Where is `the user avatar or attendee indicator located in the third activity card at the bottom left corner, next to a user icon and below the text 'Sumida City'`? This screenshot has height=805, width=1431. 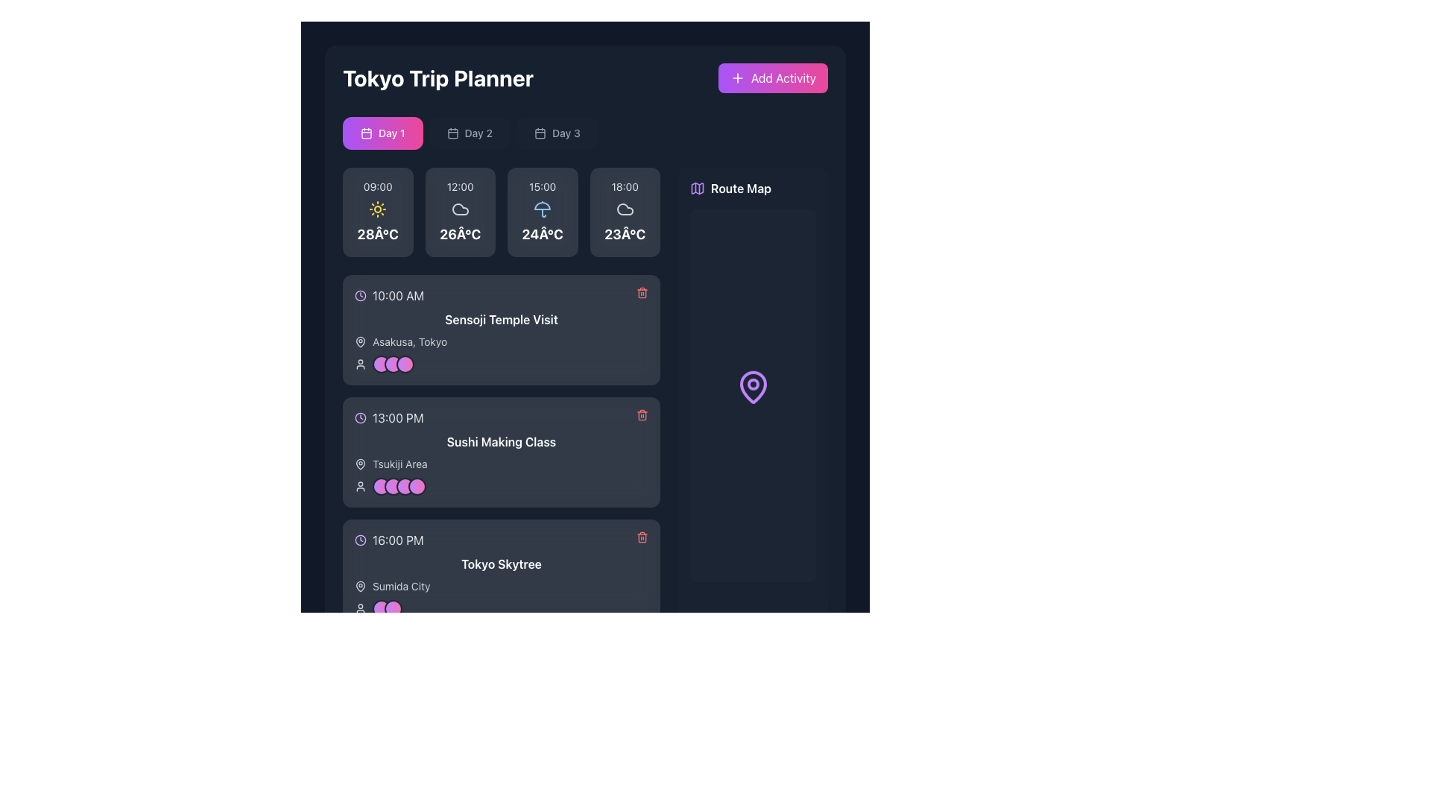
the user avatar or attendee indicator located in the third activity card at the bottom left corner, next to a user icon and below the text 'Sumida City' is located at coordinates (387, 609).